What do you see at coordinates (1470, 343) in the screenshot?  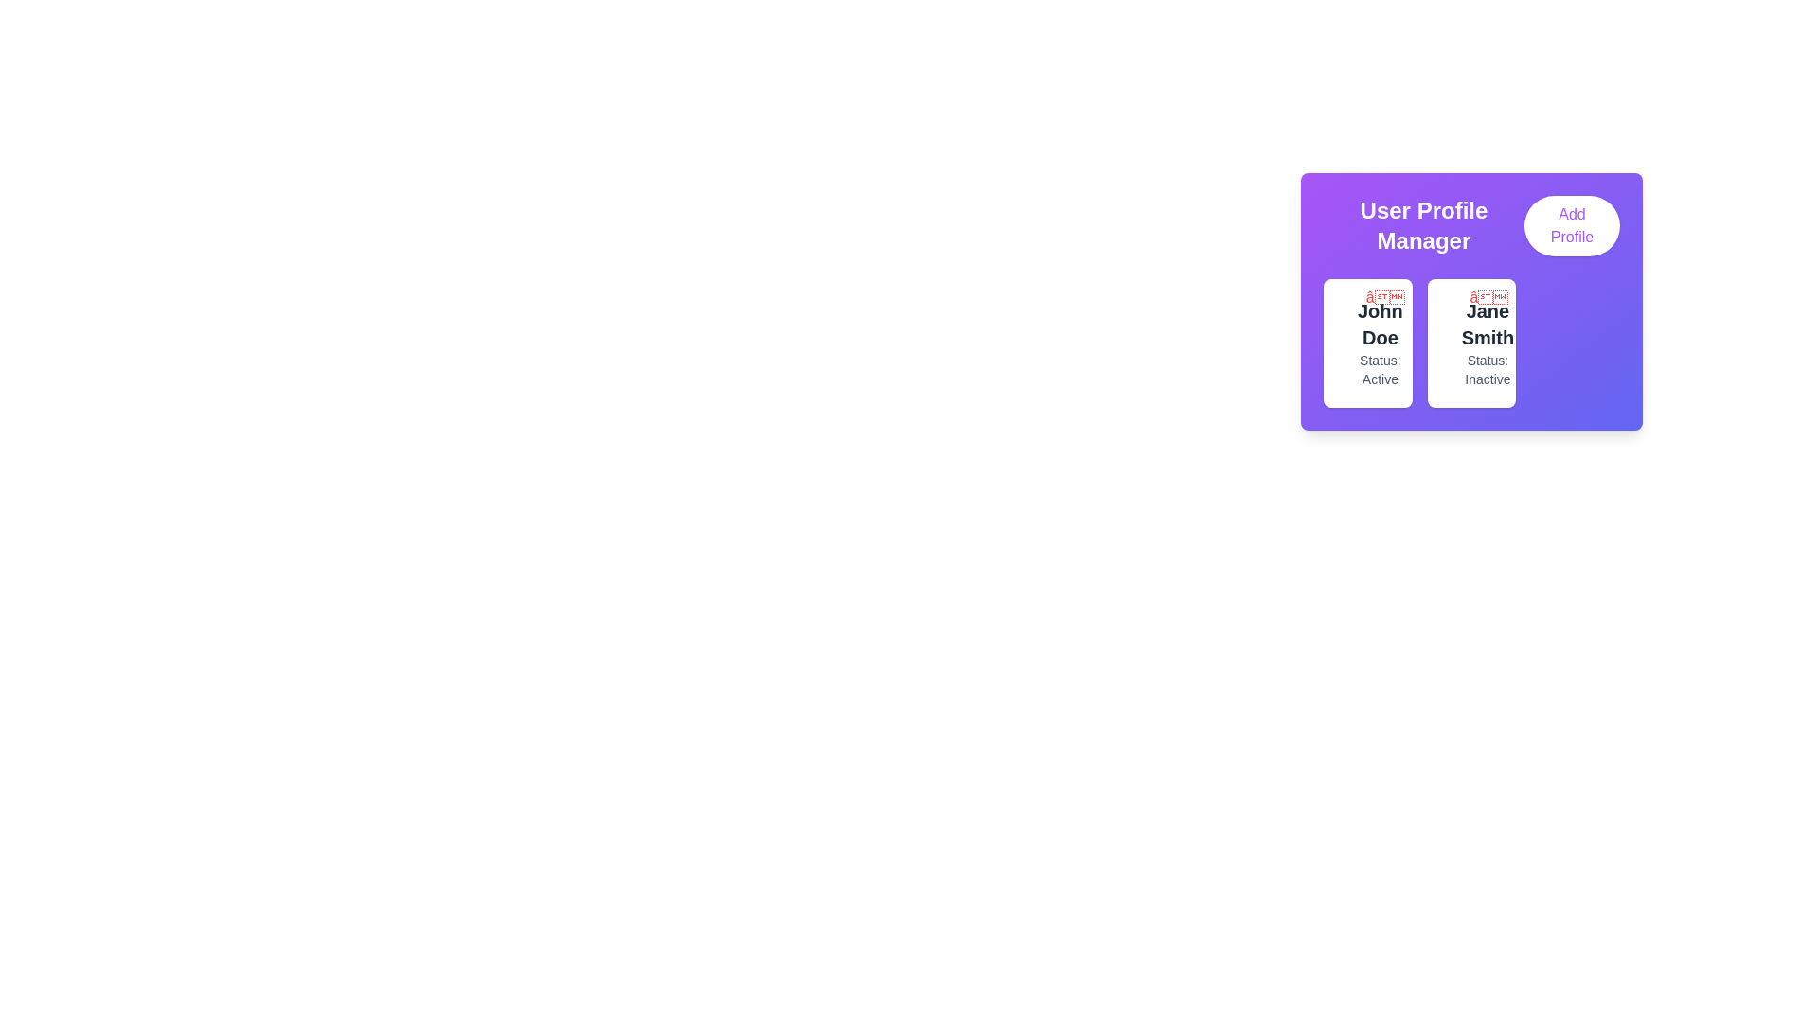 I see `the second profile card, which contains user information and an action button` at bounding box center [1470, 343].